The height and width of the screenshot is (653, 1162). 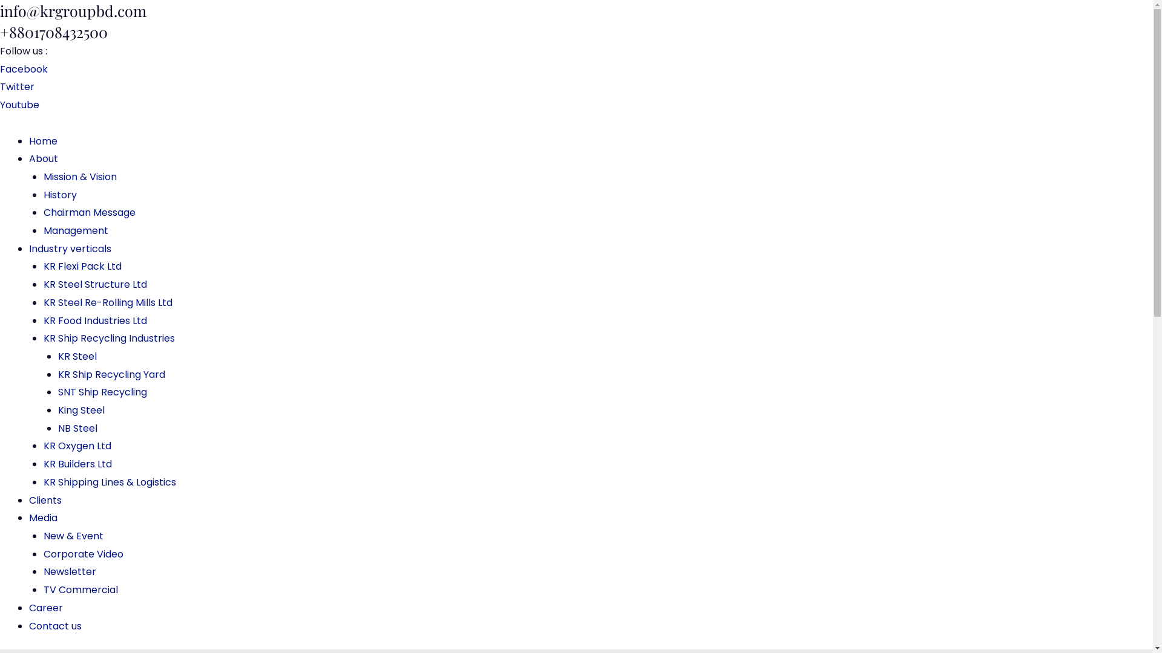 What do you see at coordinates (0, 104) in the screenshot?
I see `'Youtube'` at bounding box center [0, 104].